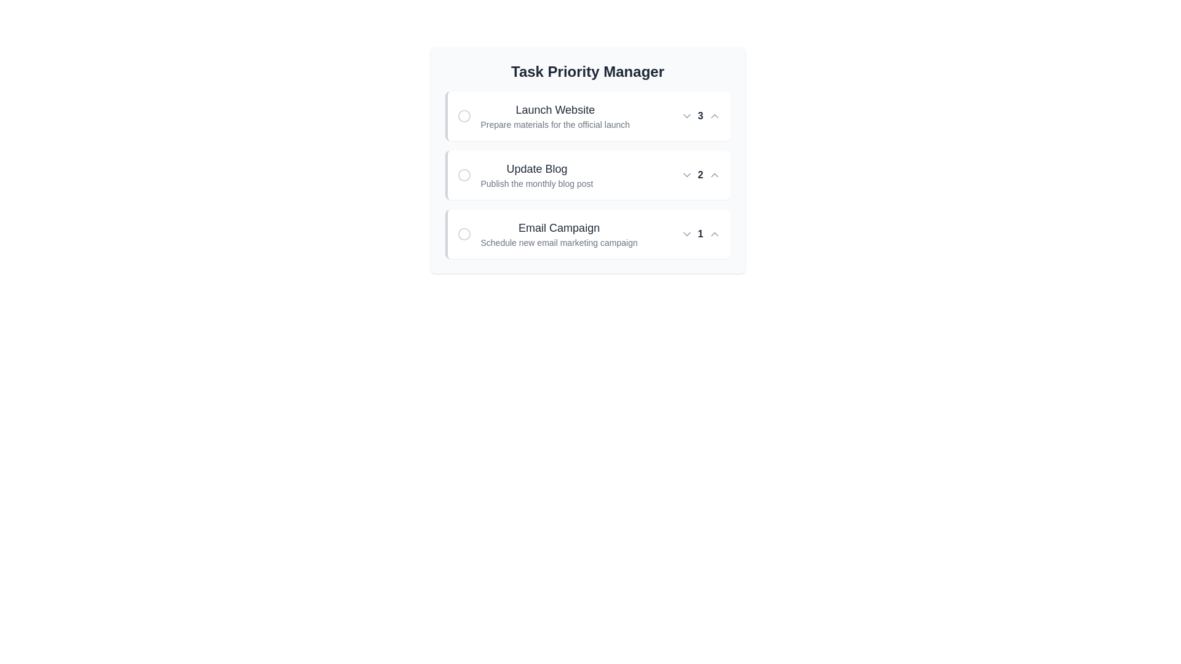 This screenshot has width=1181, height=664. Describe the element at coordinates (543, 116) in the screenshot. I see `the first task item` at that location.